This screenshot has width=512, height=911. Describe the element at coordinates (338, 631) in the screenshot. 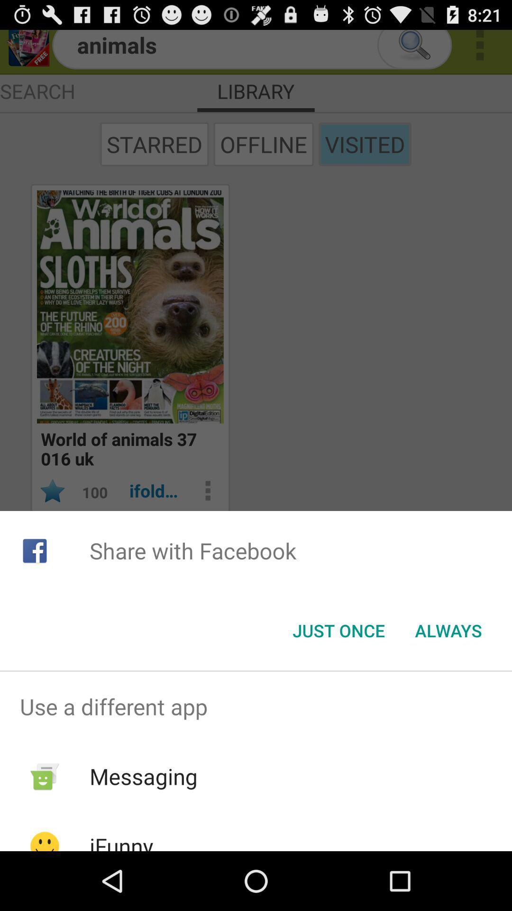

I see `the item below the share with facebook` at that location.